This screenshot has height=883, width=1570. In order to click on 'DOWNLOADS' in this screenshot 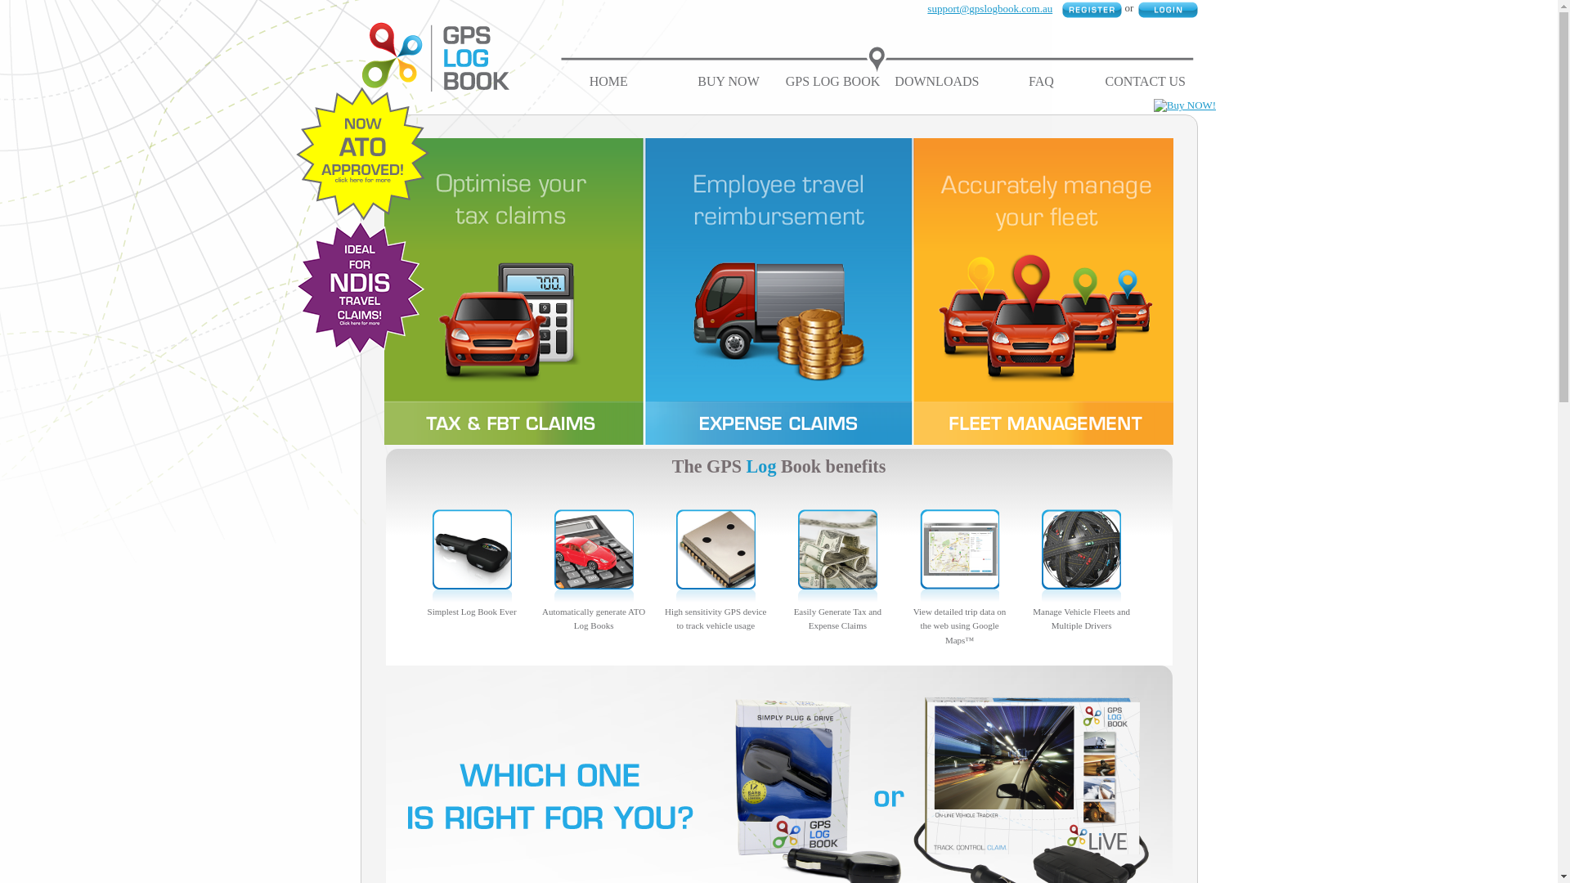, I will do `click(894, 81)`.